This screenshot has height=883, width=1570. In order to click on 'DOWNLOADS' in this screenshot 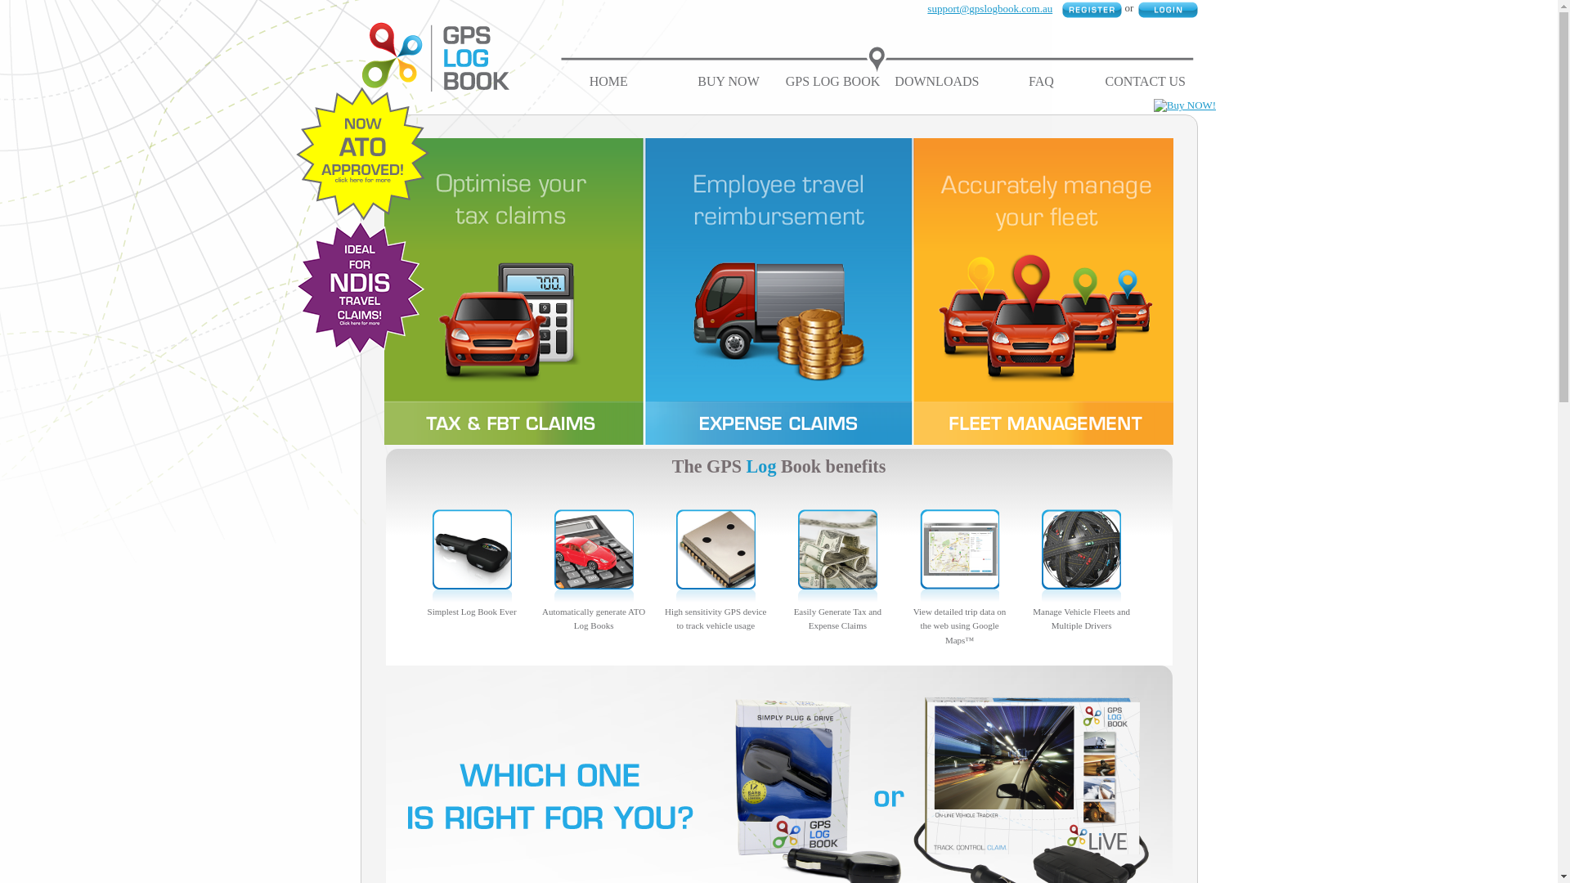, I will do `click(894, 81)`.